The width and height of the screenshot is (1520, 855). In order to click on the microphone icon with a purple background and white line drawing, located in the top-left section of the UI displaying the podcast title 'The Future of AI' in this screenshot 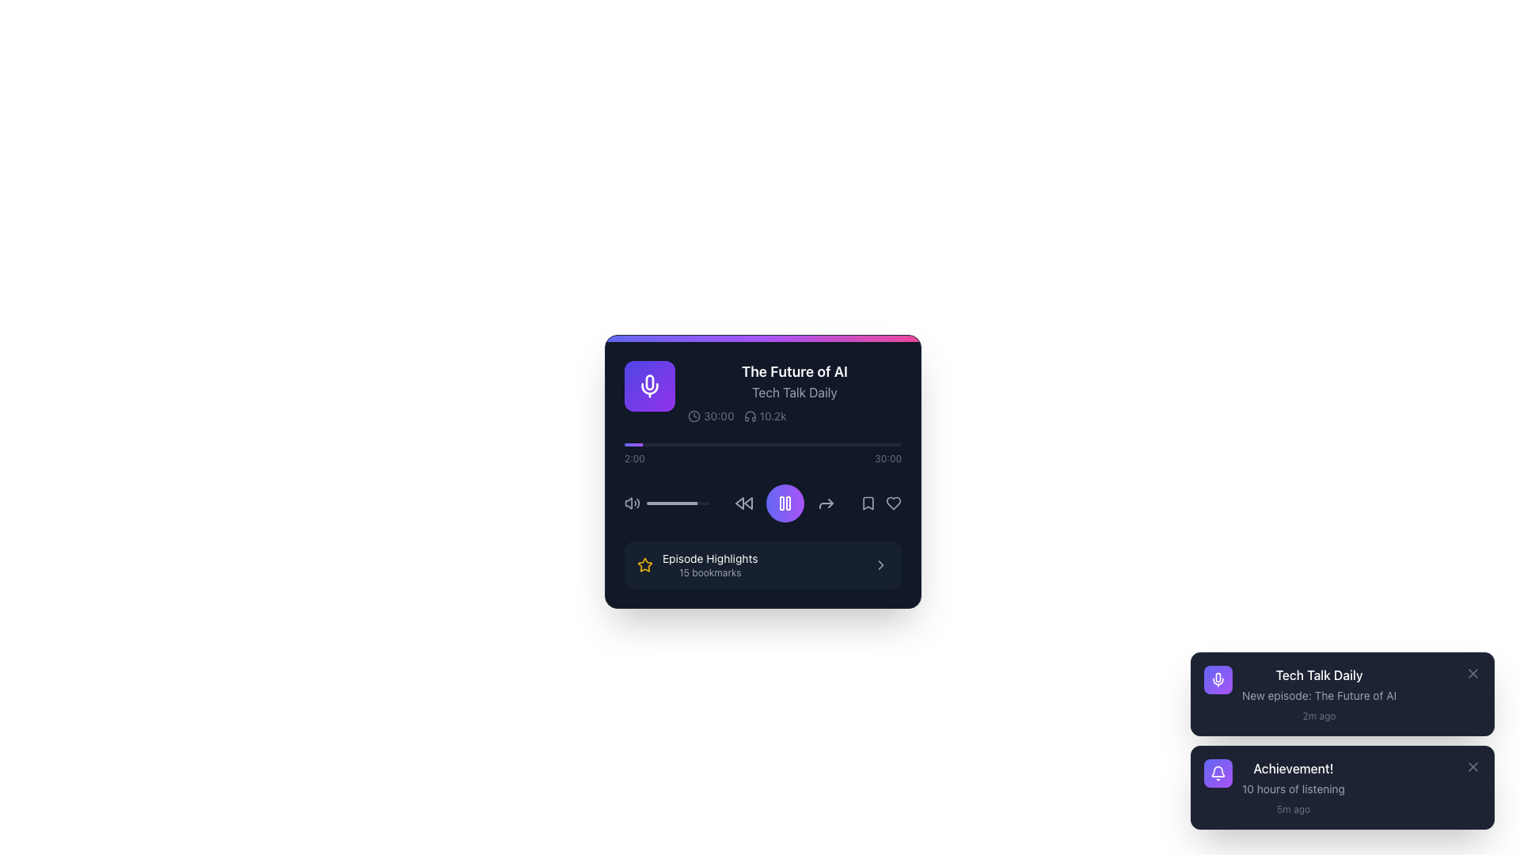, I will do `click(649, 382)`.